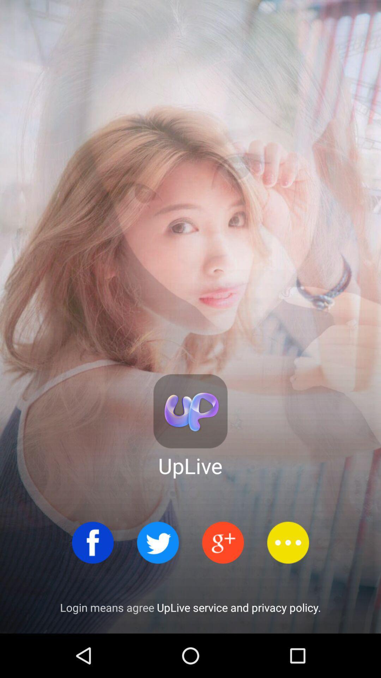 This screenshot has height=678, width=381. Describe the element at coordinates (92, 542) in the screenshot. I see `the facebook icon` at that location.